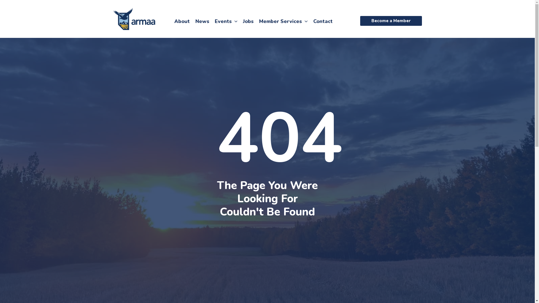 Image resolution: width=539 pixels, height=303 pixels. Describe the element at coordinates (283, 20) in the screenshot. I see `'Member Services'` at that location.